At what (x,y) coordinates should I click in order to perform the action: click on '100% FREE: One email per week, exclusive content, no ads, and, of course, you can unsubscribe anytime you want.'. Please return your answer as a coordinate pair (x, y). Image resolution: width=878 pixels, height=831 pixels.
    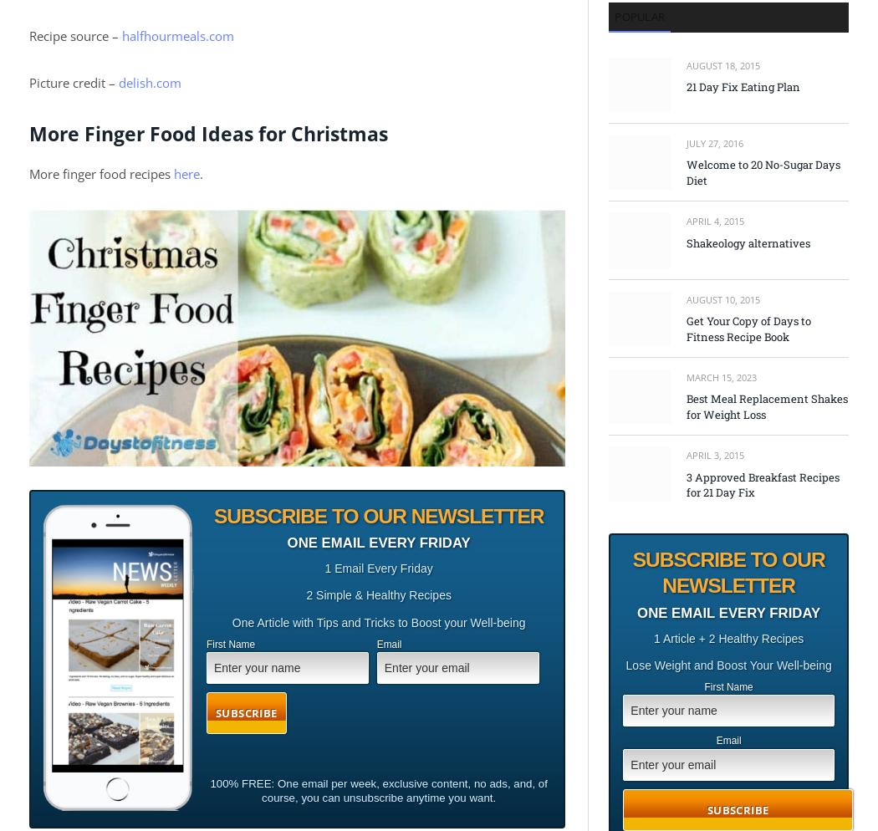
    Looking at the image, I should click on (209, 790).